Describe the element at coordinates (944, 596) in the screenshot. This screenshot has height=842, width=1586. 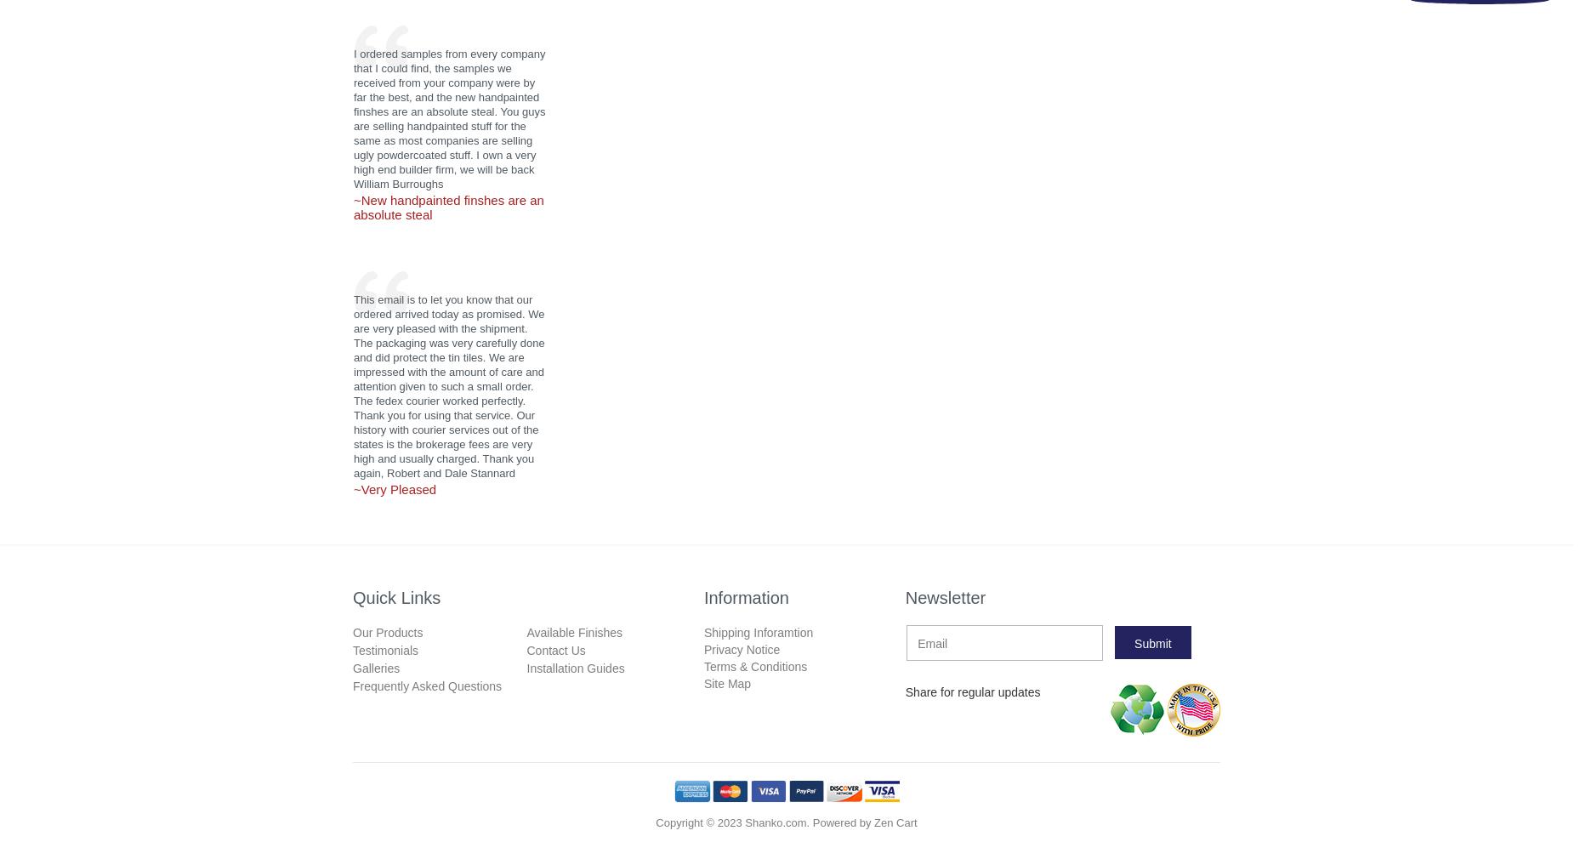
I see `'Newsletter'` at that location.